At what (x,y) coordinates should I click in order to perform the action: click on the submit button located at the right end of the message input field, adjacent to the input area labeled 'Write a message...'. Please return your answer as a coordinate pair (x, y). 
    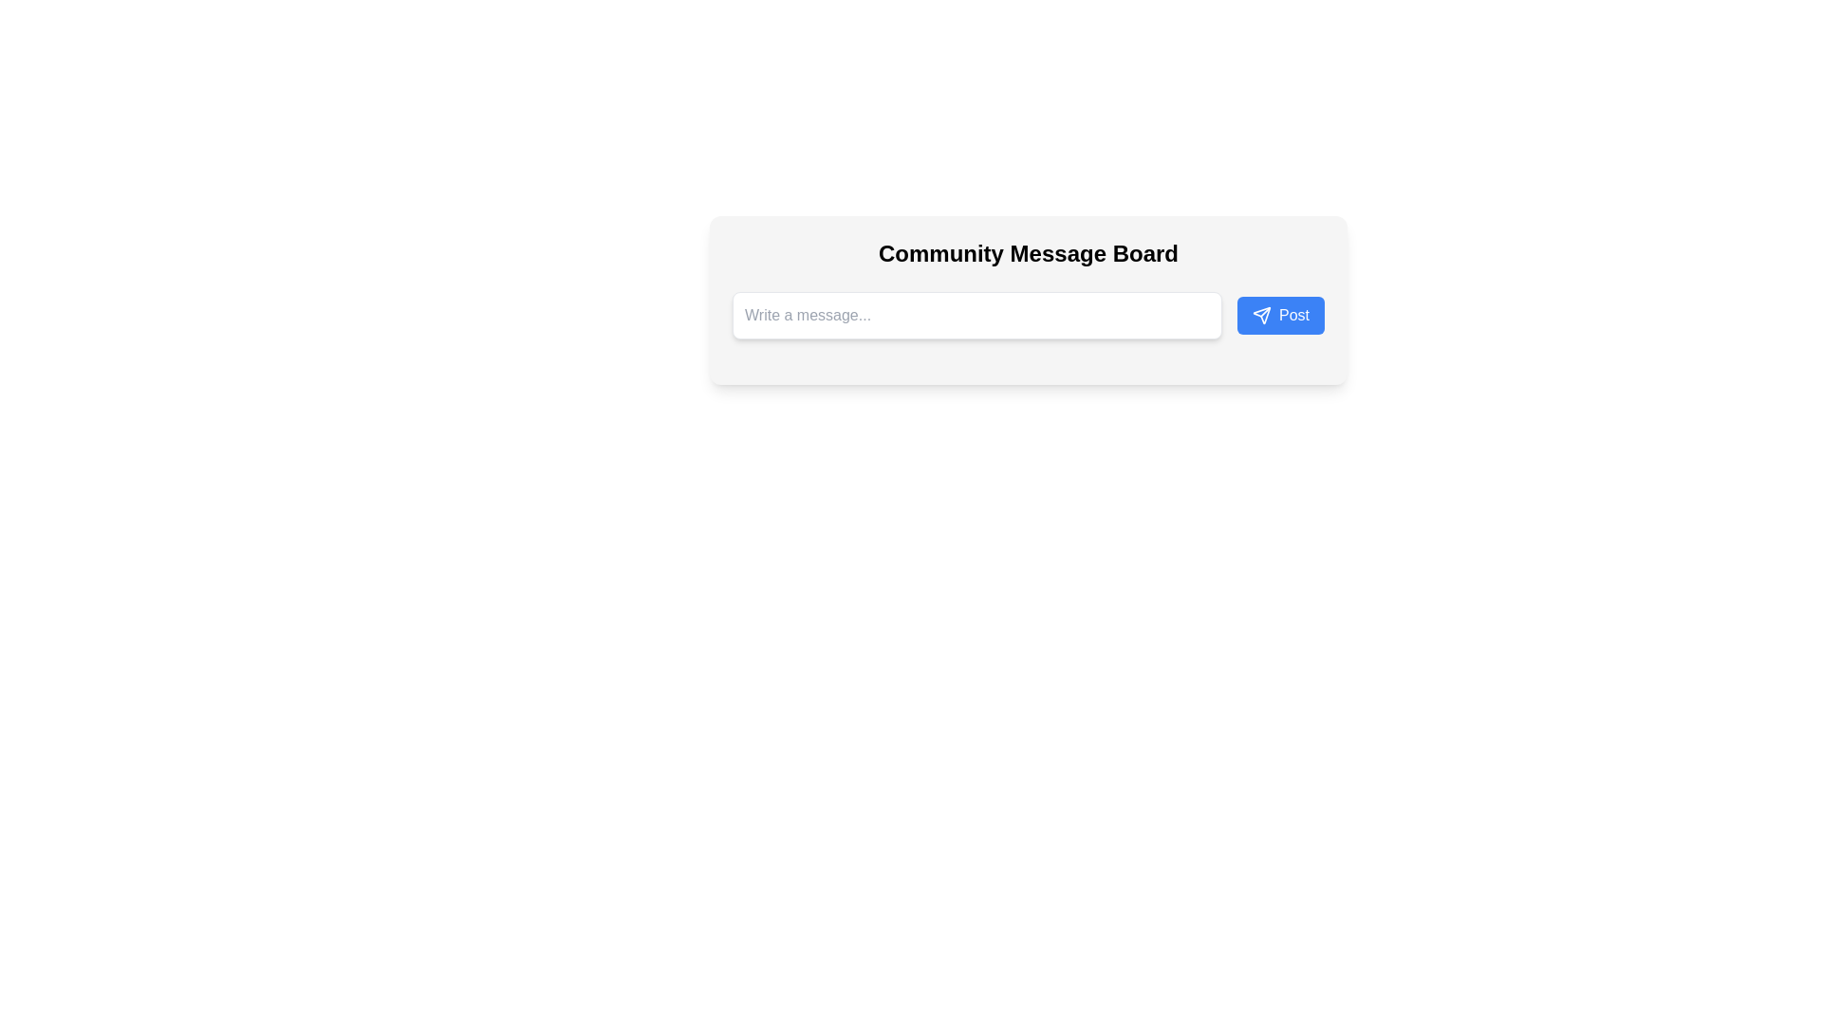
    Looking at the image, I should click on (1280, 314).